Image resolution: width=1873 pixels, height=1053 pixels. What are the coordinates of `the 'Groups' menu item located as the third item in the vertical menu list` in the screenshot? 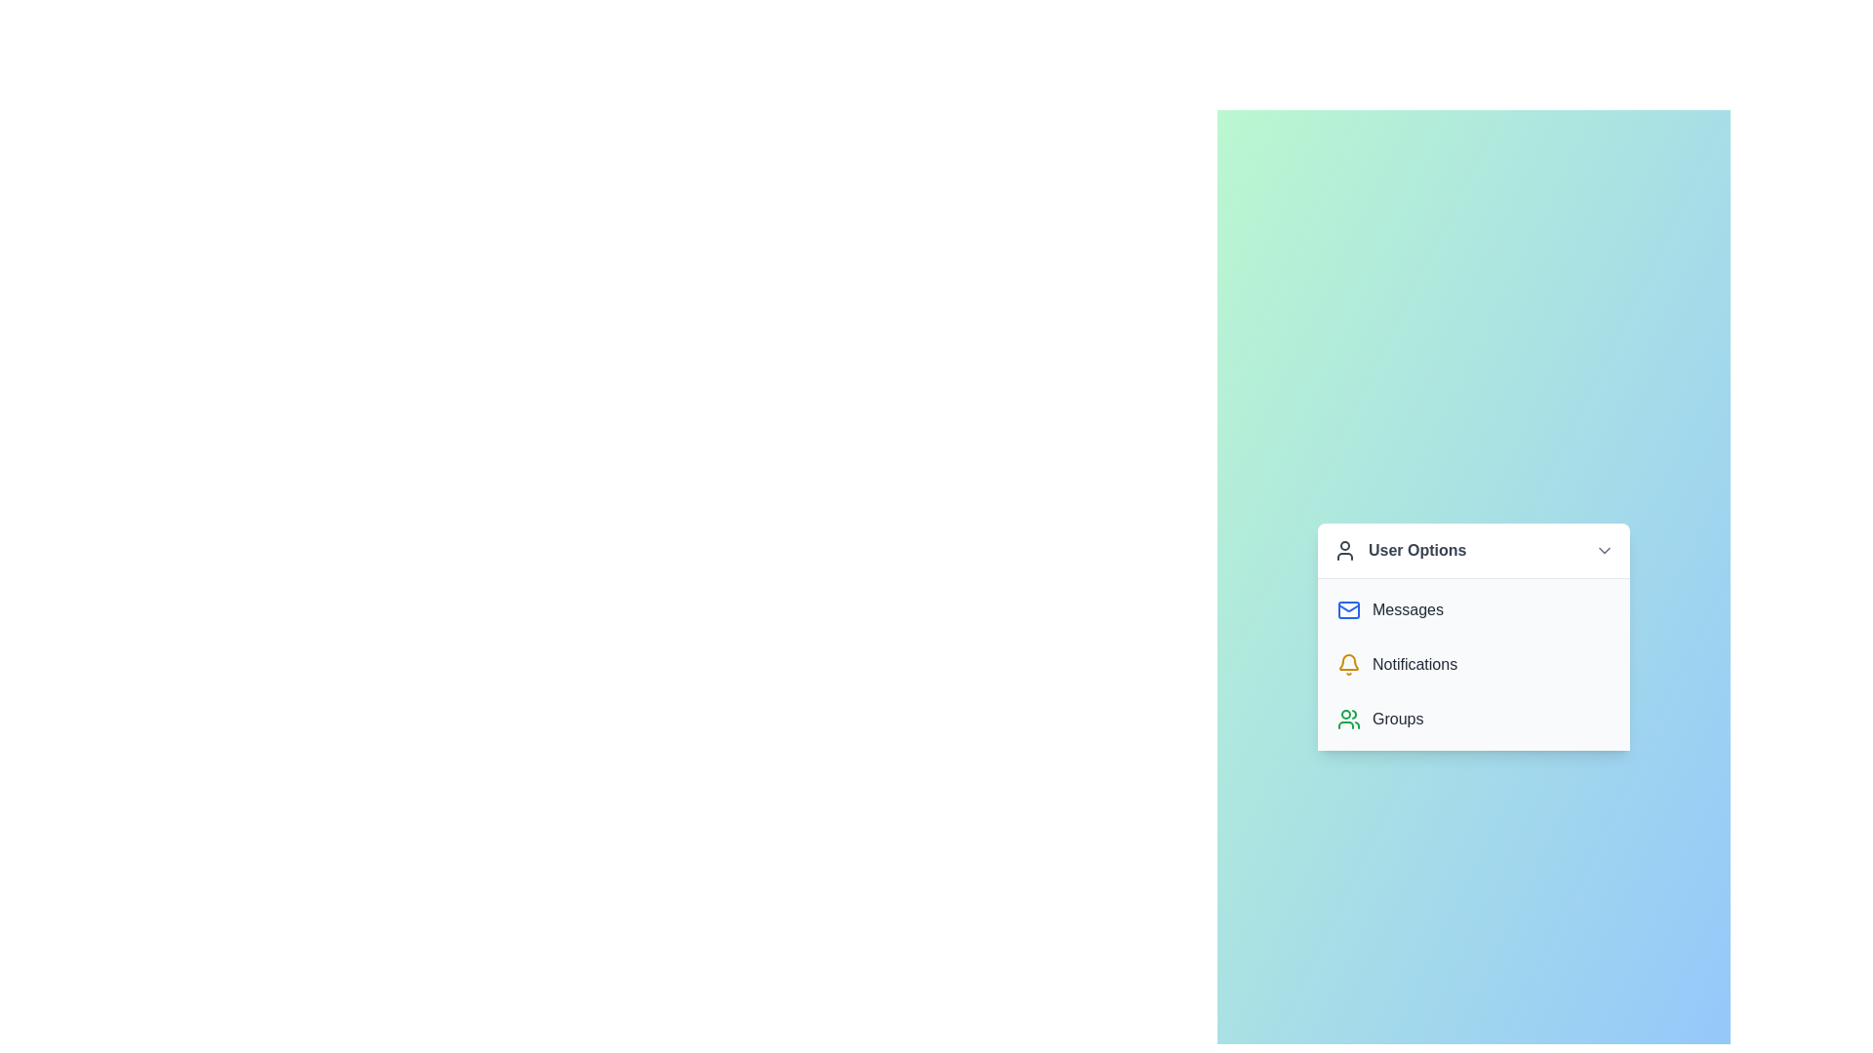 It's located at (1474, 719).